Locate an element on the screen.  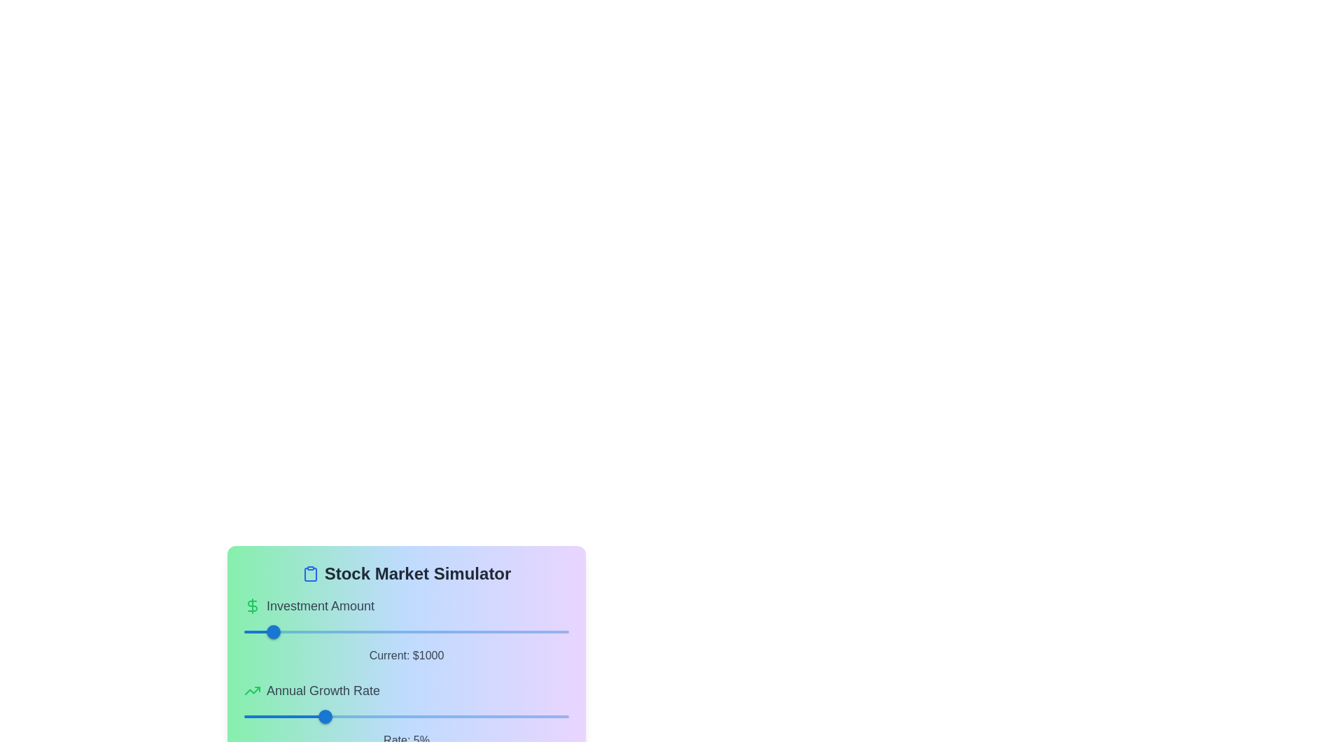
the slider value is located at coordinates (328, 716).